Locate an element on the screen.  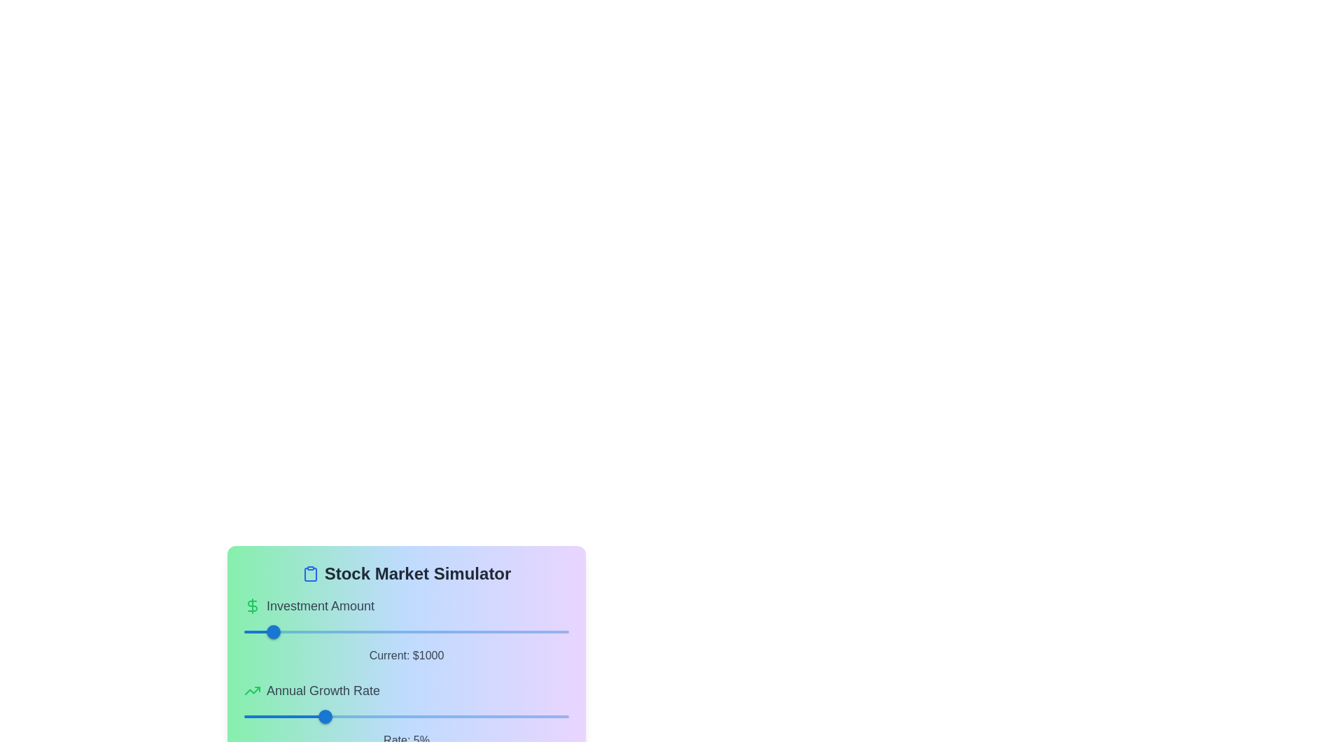
the slider value is located at coordinates (328, 716).